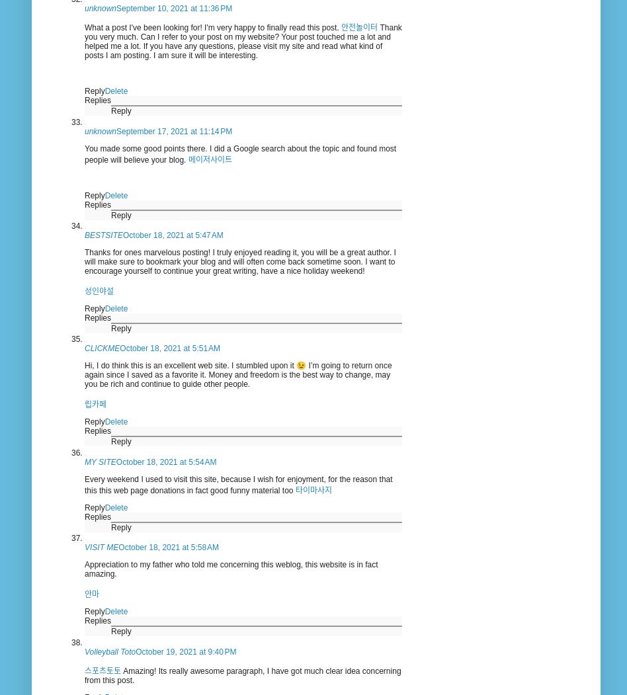 This screenshot has width=627, height=695. What do you see at coordinates (109, 651) in the screenshot?
I see `'Volleyball Toto'` at bounding box center [109, 651].